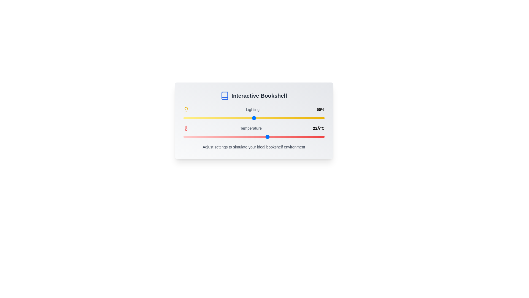 This screenshot has height=298, width=529. Describe the element at coordinates (259, 118) in the screenshot. I see `the lighting slider to 54%` at that location.